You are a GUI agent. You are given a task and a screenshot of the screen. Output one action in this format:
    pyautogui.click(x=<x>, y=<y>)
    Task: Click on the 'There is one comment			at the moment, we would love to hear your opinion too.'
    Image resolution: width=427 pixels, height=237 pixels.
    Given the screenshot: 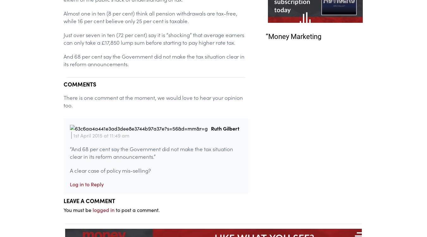 What is the action you would take?
    pyautogui.click(x=153, y=101)
    